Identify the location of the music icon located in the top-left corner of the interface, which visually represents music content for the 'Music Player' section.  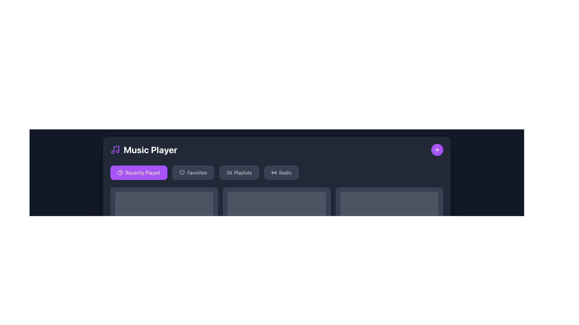
(115, 149).